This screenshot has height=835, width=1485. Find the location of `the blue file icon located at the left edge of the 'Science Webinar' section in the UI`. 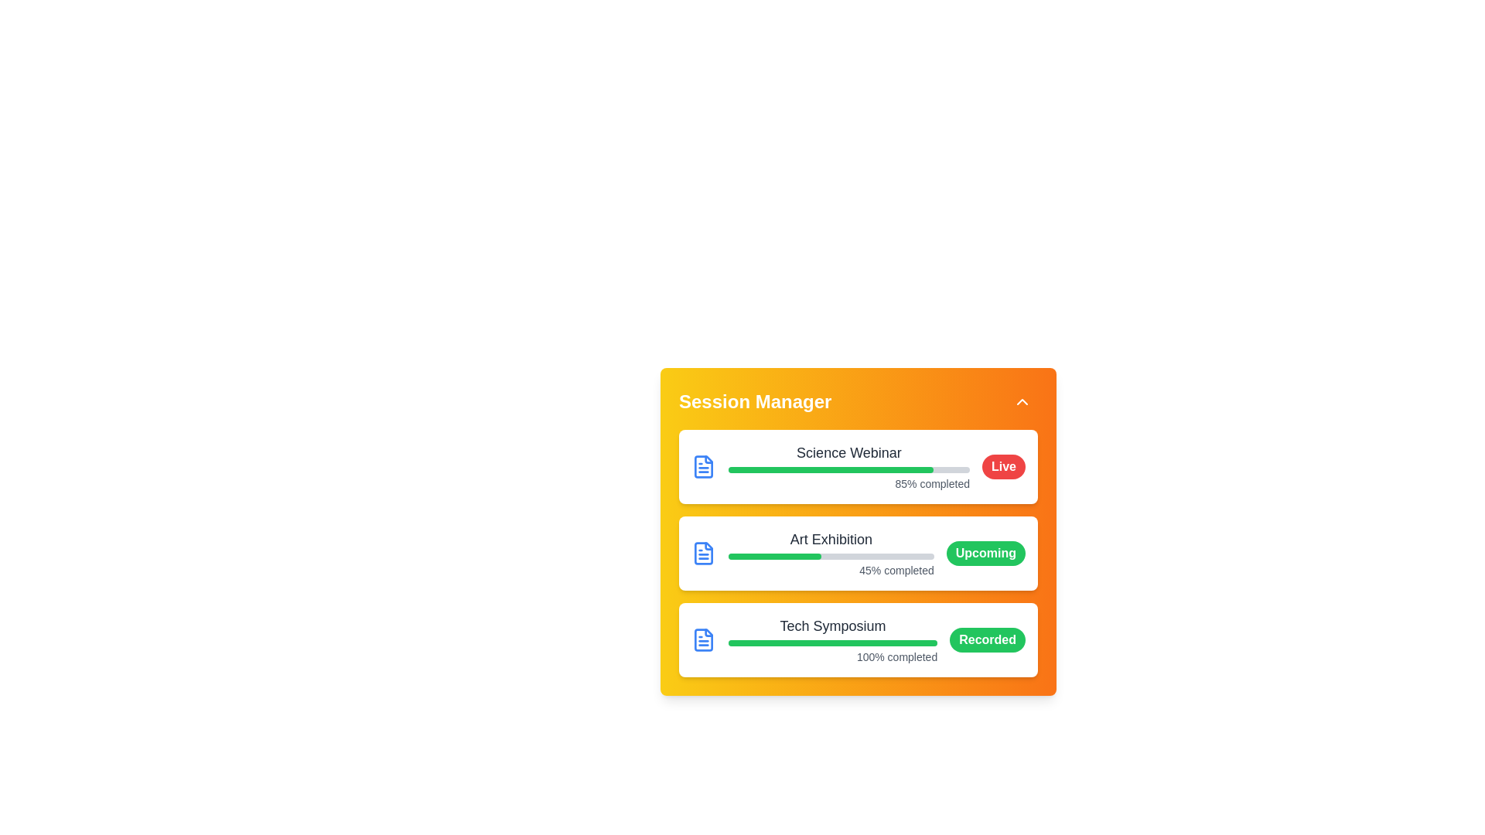

the blue file icon located at the left edge of the 'Science Webinar' section in the UI is located at coordinates (703, 553).